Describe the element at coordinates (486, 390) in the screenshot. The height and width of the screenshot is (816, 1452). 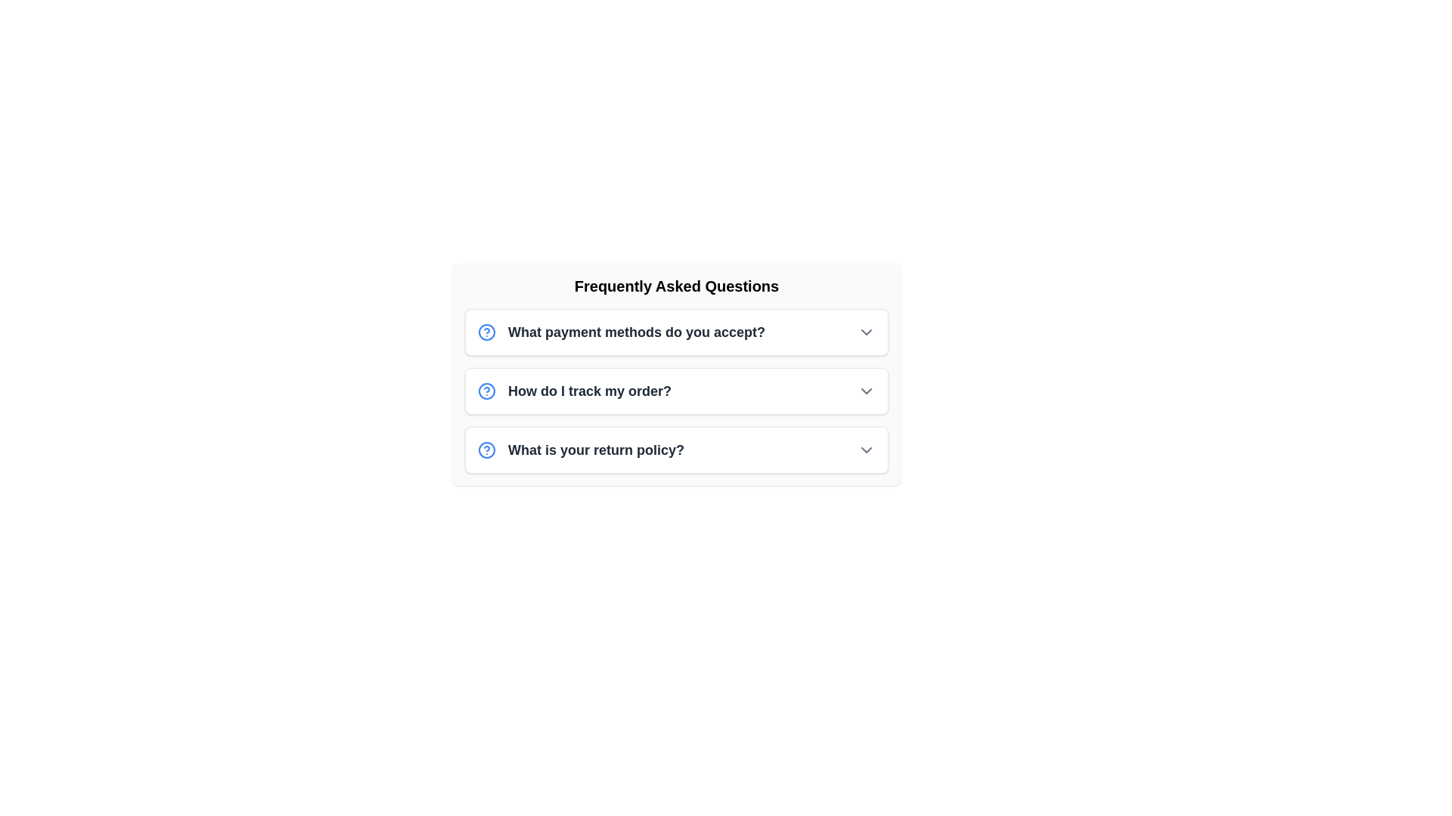
I see `the decorative blue circular icon with a question mark that is positioned to the left of the question text 'How do I track my order?' in the Frequently Asked Questions section` at that location.